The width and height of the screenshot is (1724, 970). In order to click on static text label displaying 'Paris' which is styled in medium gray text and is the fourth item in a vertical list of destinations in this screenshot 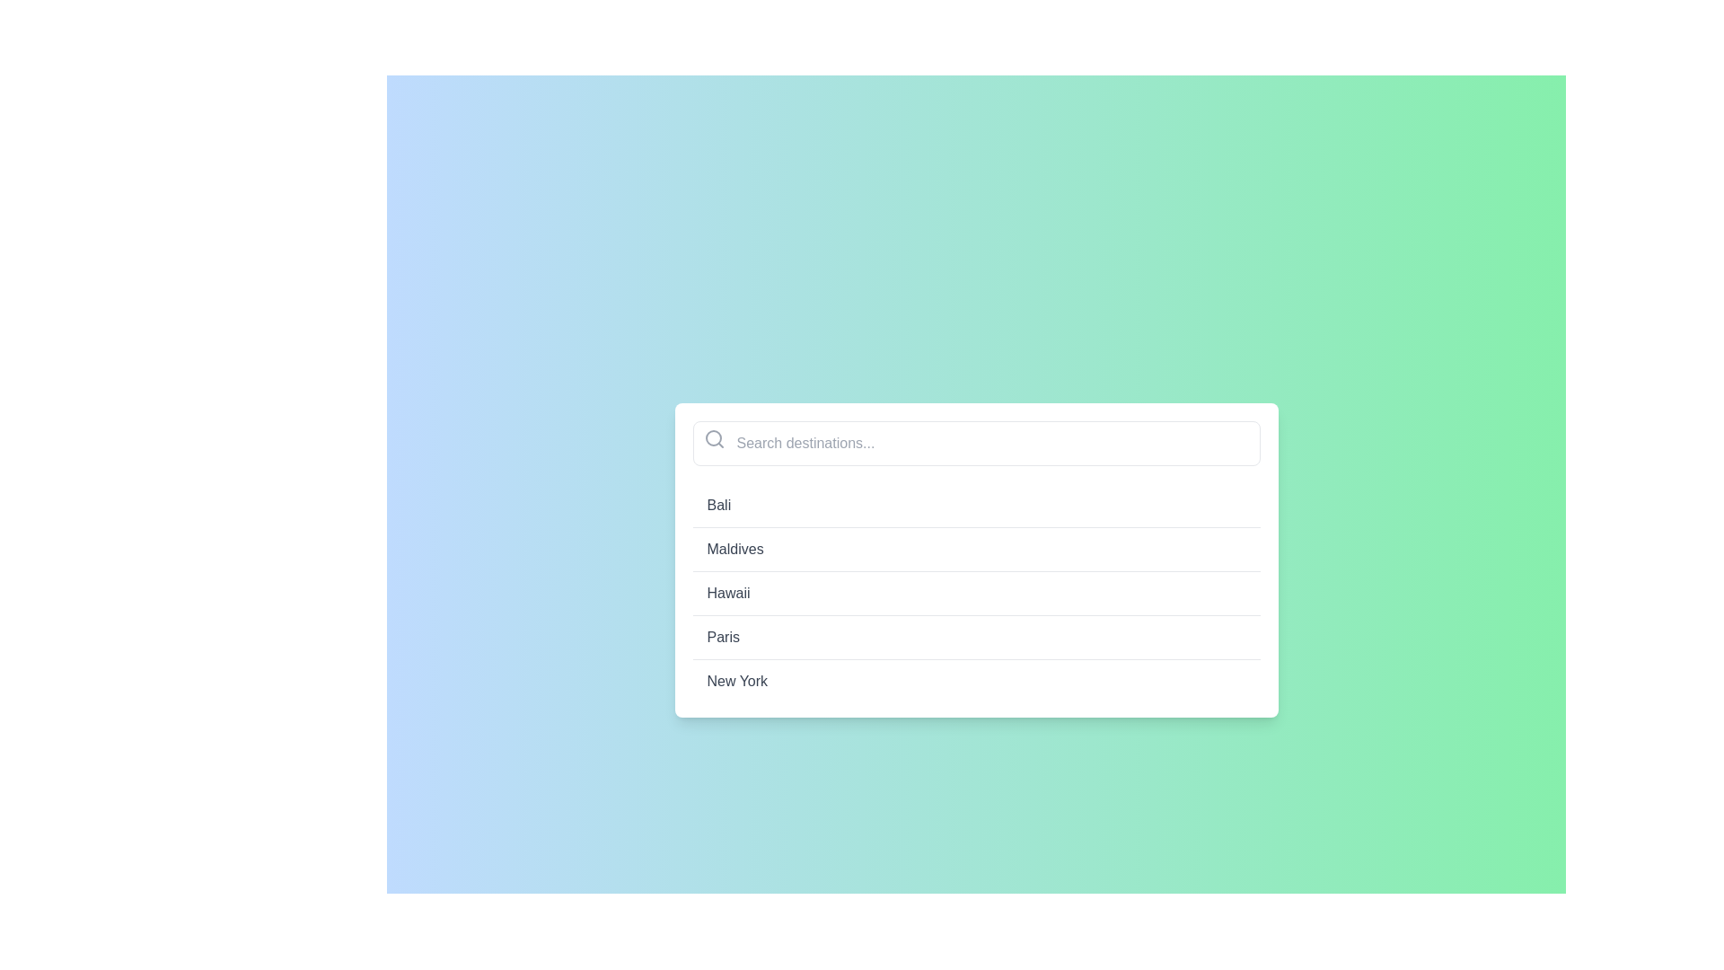, I will do `click(723, 636)`.